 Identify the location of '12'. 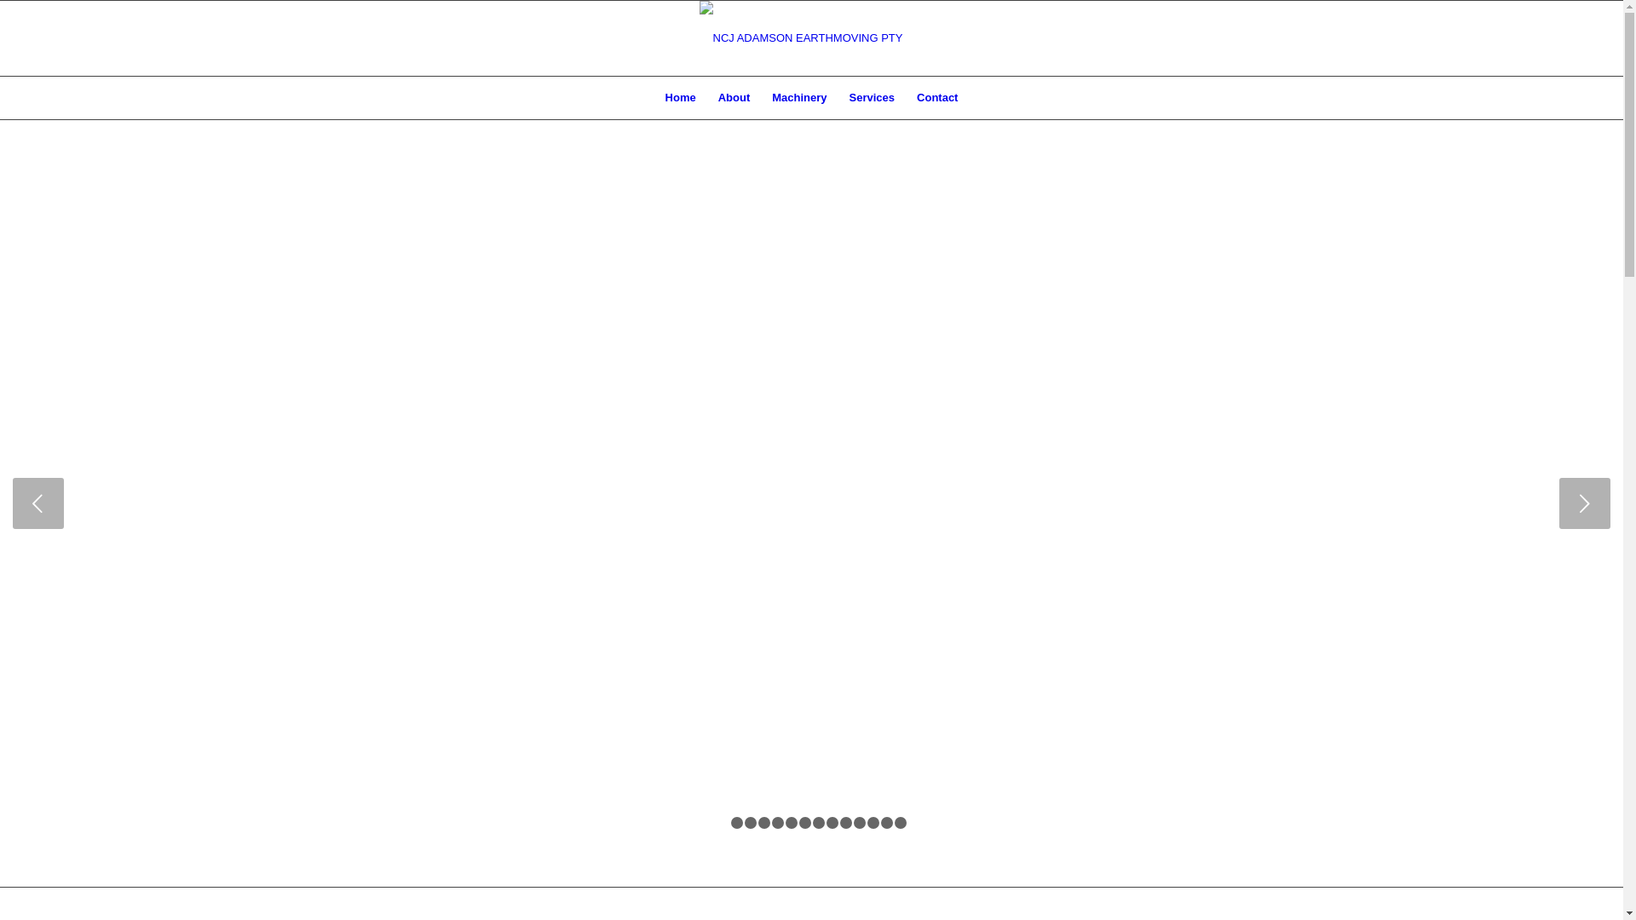
(873, 821).